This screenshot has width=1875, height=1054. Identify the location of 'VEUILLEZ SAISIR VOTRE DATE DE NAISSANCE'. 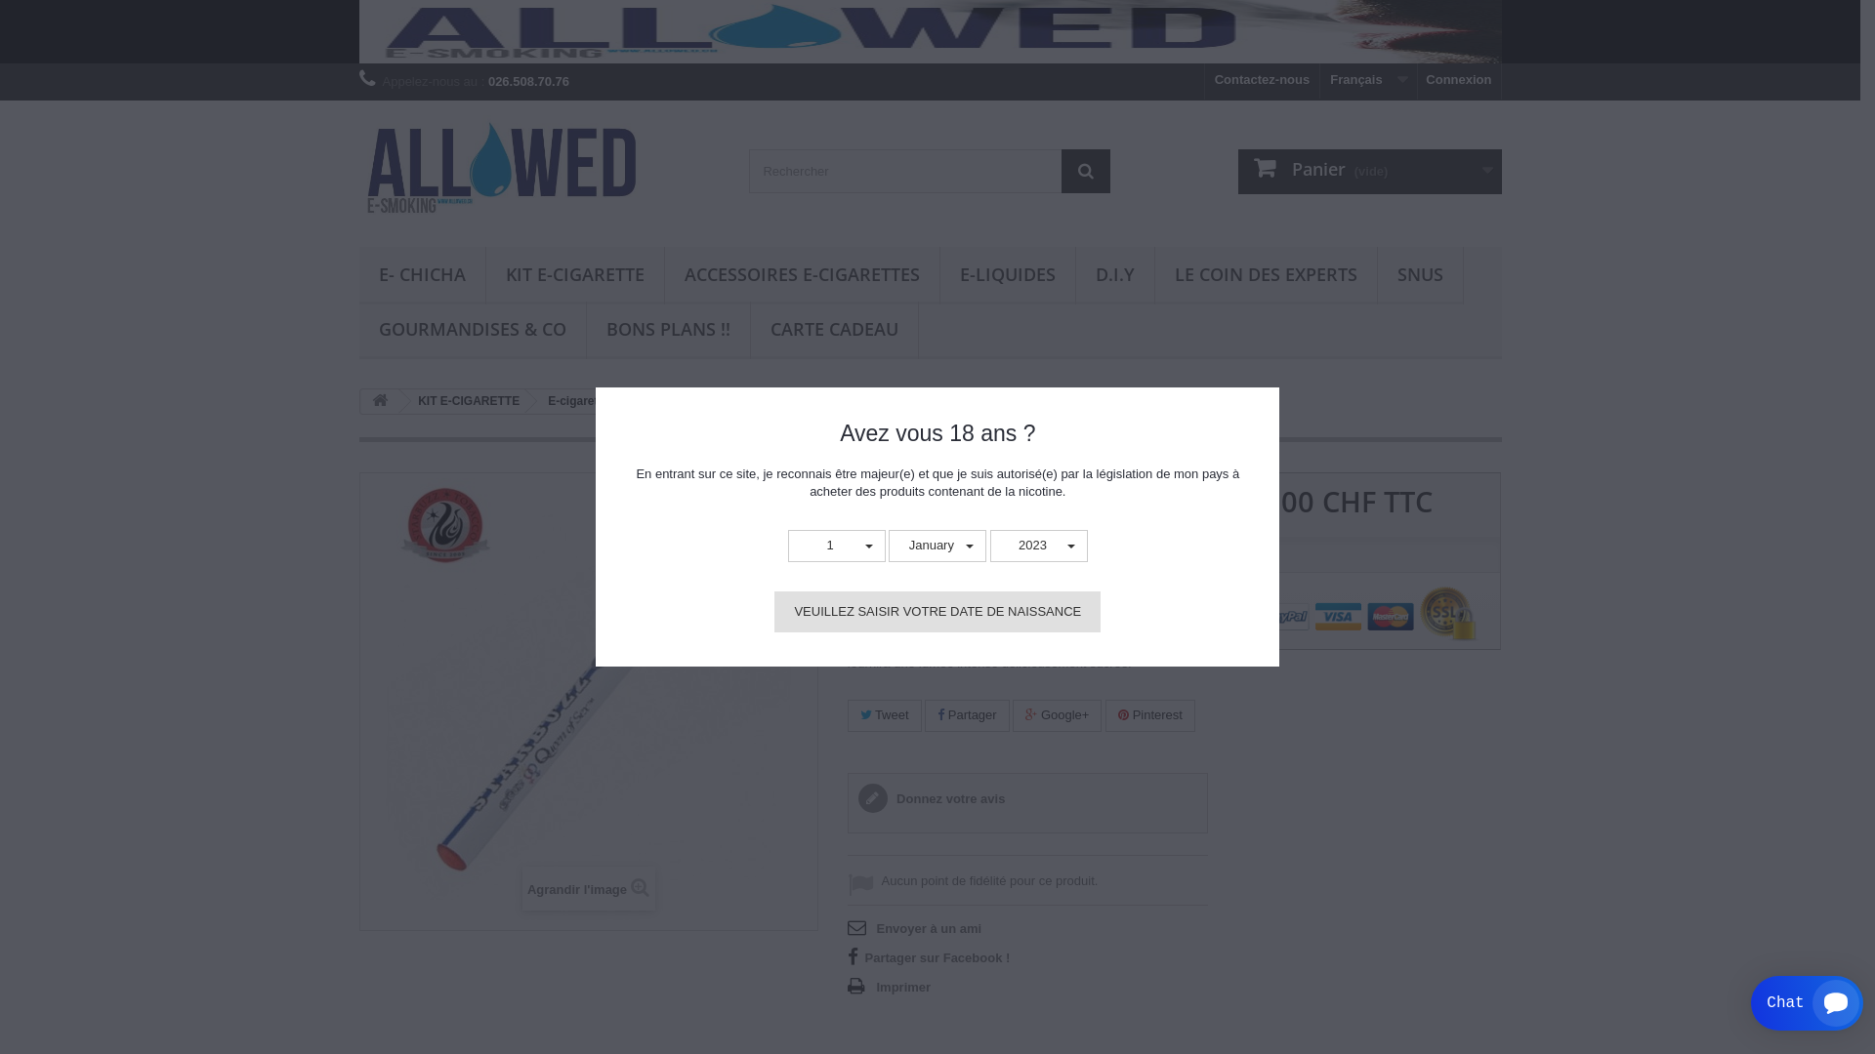
(937, 611).